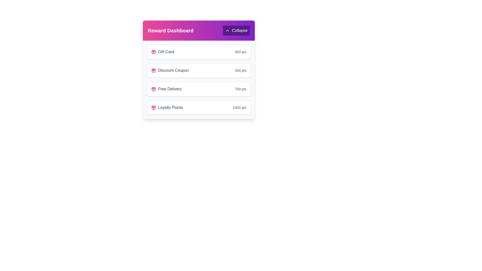 This screenshot has height=271, width=482. What do you see at coordinates (236, 31) in the screenshot?
I see `the 'Collapse' button with a purple background and upward-facing chevron icon located in the top-right corner of the 'Reward Dashboard' header` at bounding box center [236, 31].